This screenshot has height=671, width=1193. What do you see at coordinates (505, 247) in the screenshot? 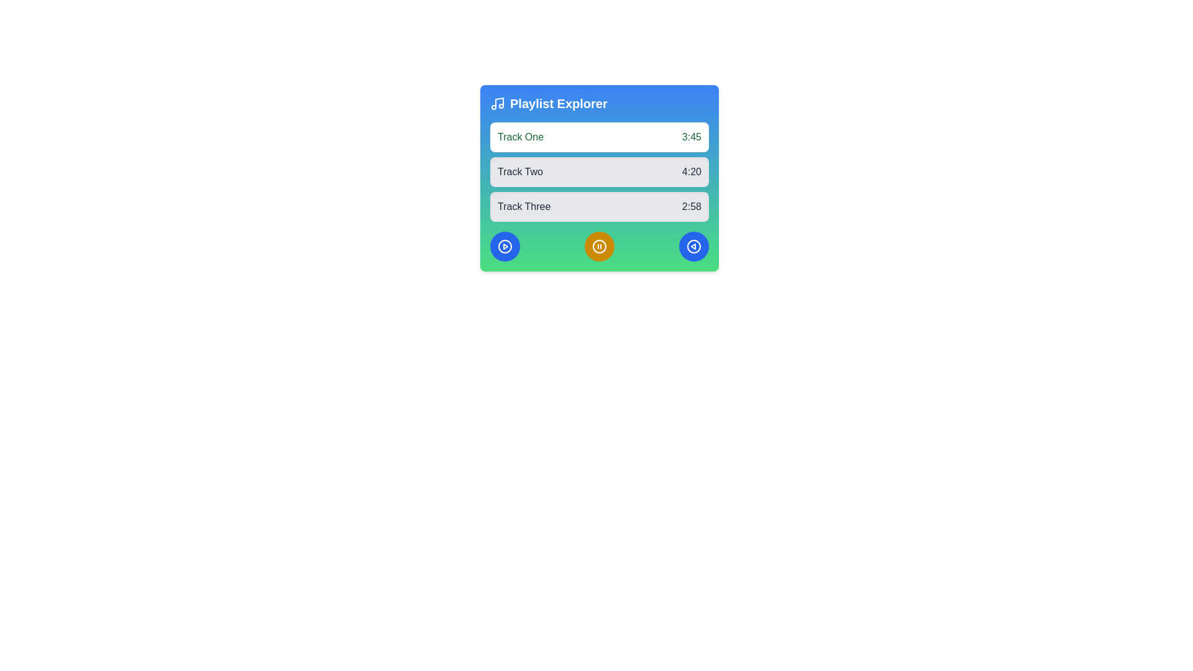
I see `the circular blue play button located at the bottom-left position of the three aligned icons to play a track` at bounding box center [505, 247].